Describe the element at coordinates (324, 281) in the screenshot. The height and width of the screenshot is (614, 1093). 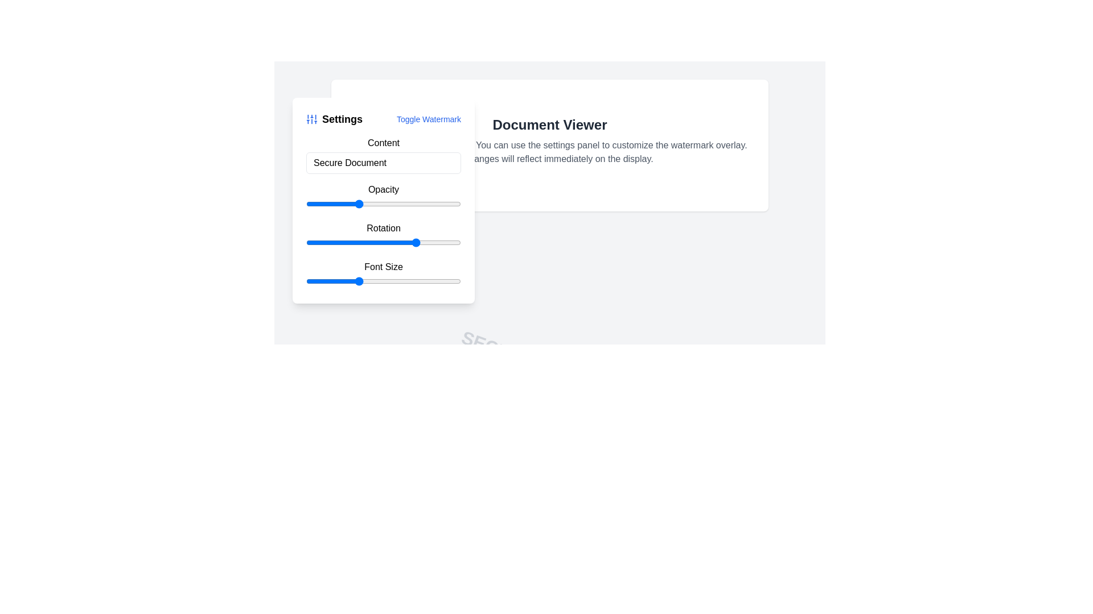
I see `the font size slider` at that location.